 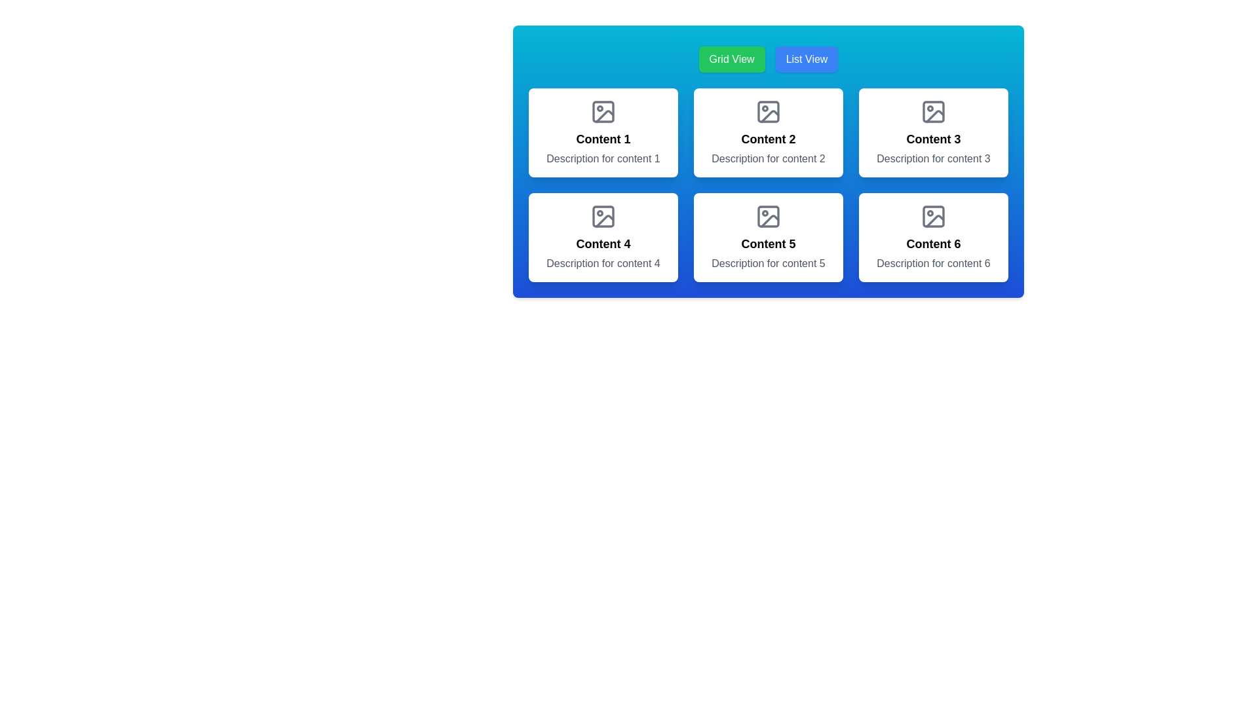 I want to click on text content of the label that says 'Content 4', which is styled in a larger, bold font and located within the bottom-left card of a 2x3 grid layout on a blue background, so click(x=603, y=244).